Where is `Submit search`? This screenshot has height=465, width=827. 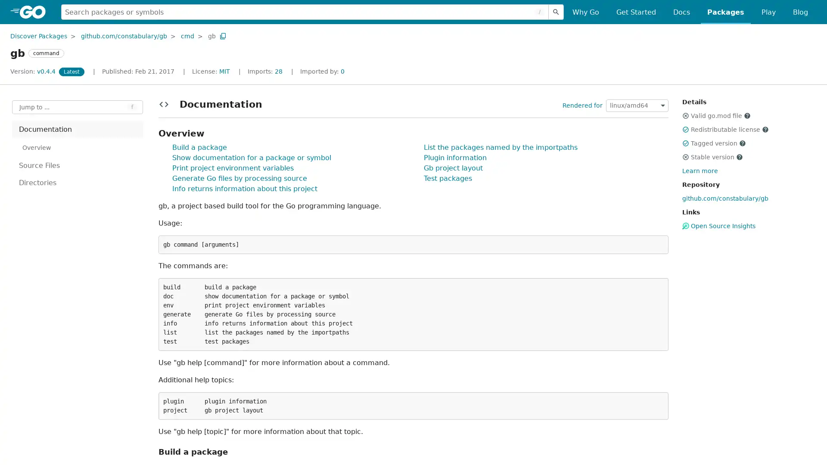 Submit search is located at coordinates (556, 12).